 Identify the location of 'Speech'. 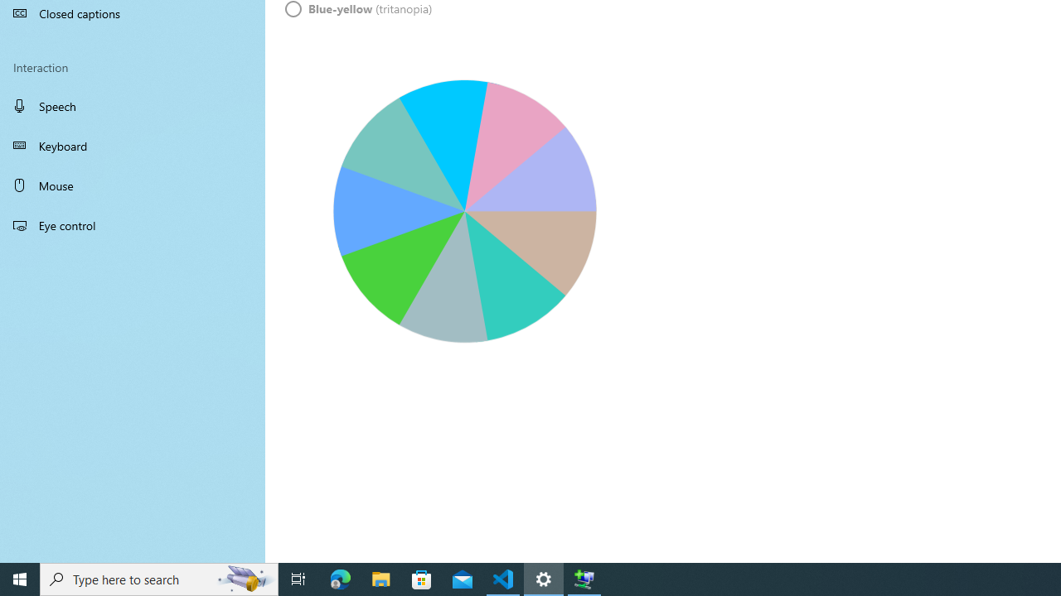
(133, 105).